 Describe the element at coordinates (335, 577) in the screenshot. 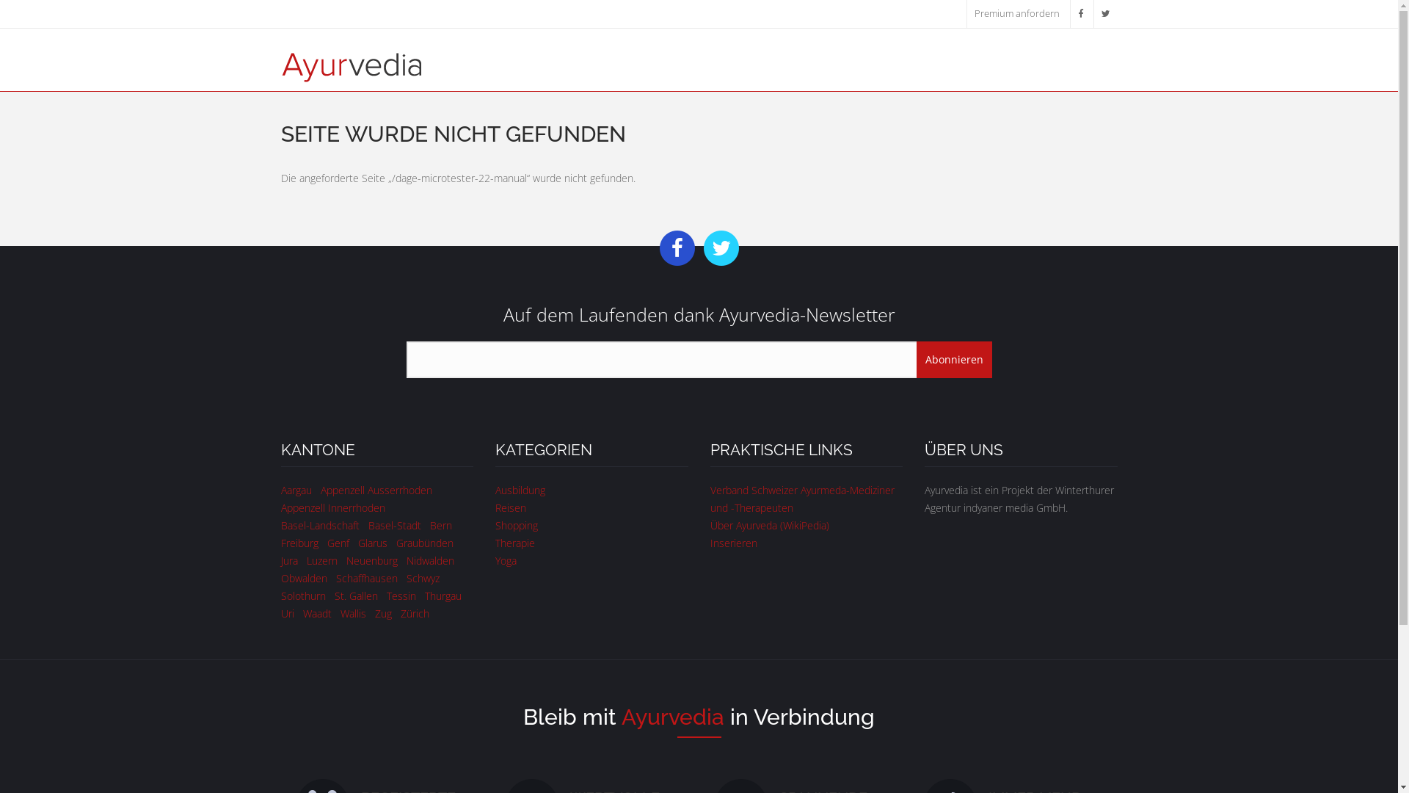

I see `'Schaffhausen'` at that location.